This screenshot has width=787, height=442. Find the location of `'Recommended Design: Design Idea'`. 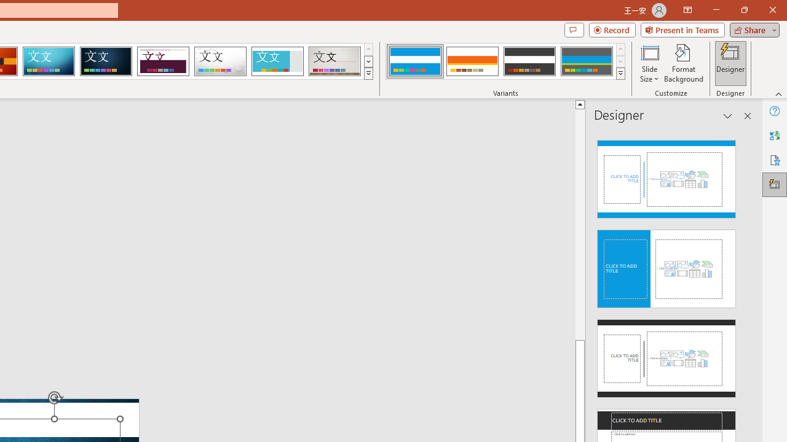

'Recommended Design: Design Idea' is located at coordinates (666, 176).